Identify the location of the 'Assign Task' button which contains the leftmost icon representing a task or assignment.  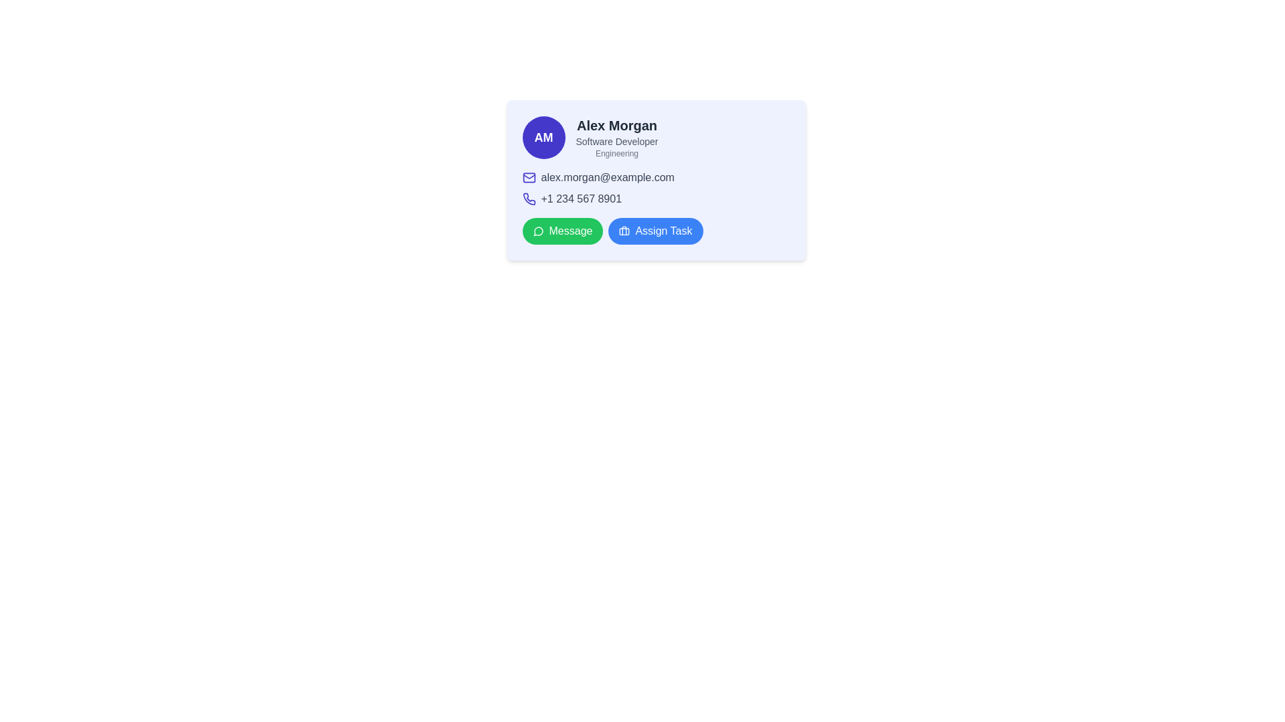
(624, 231).